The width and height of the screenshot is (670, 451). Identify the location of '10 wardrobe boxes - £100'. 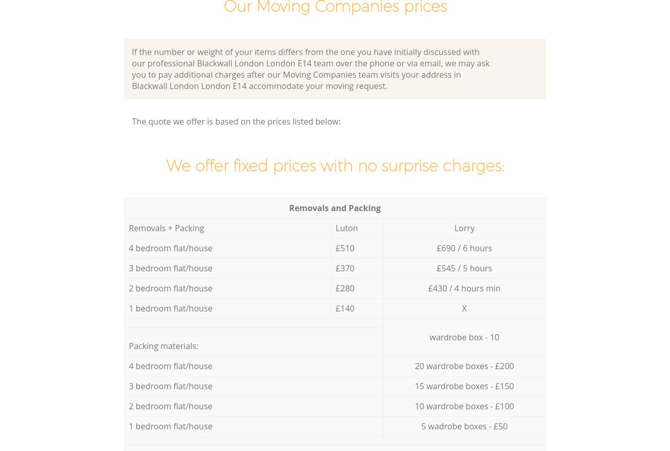
(463, 406).